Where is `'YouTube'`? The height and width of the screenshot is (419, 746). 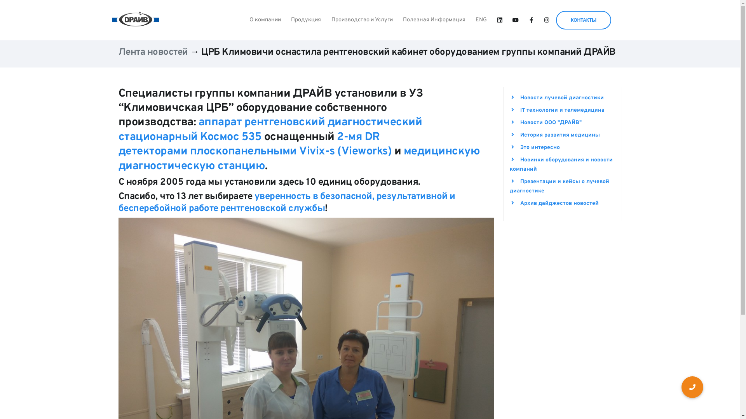 'YouTube' is located at coordinates (515, 20).